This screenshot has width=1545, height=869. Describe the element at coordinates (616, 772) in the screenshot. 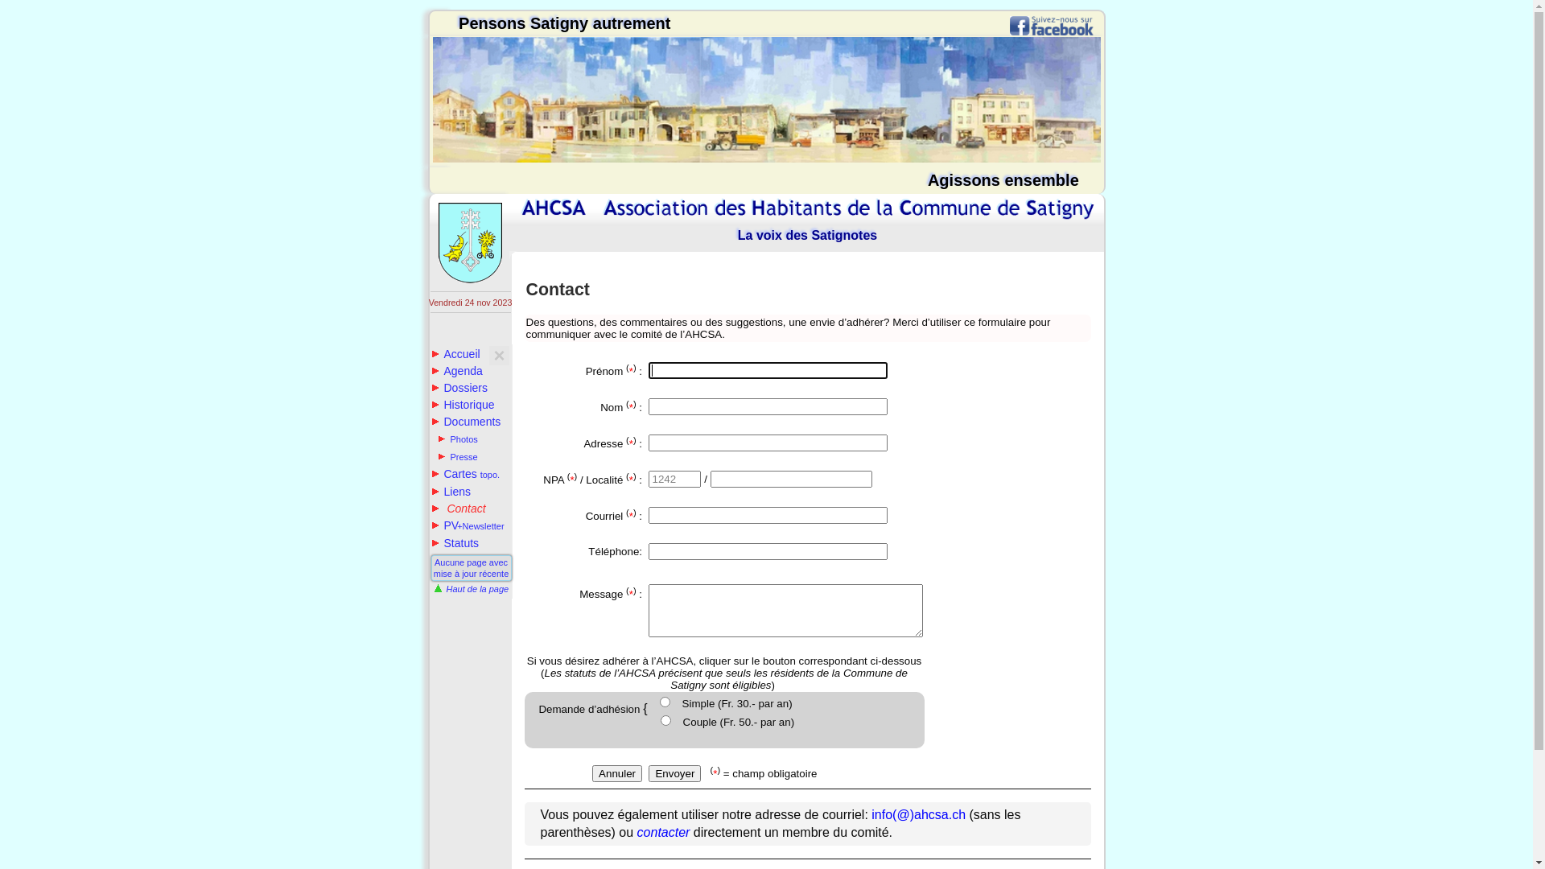

I see `'Annuler'` at that location.